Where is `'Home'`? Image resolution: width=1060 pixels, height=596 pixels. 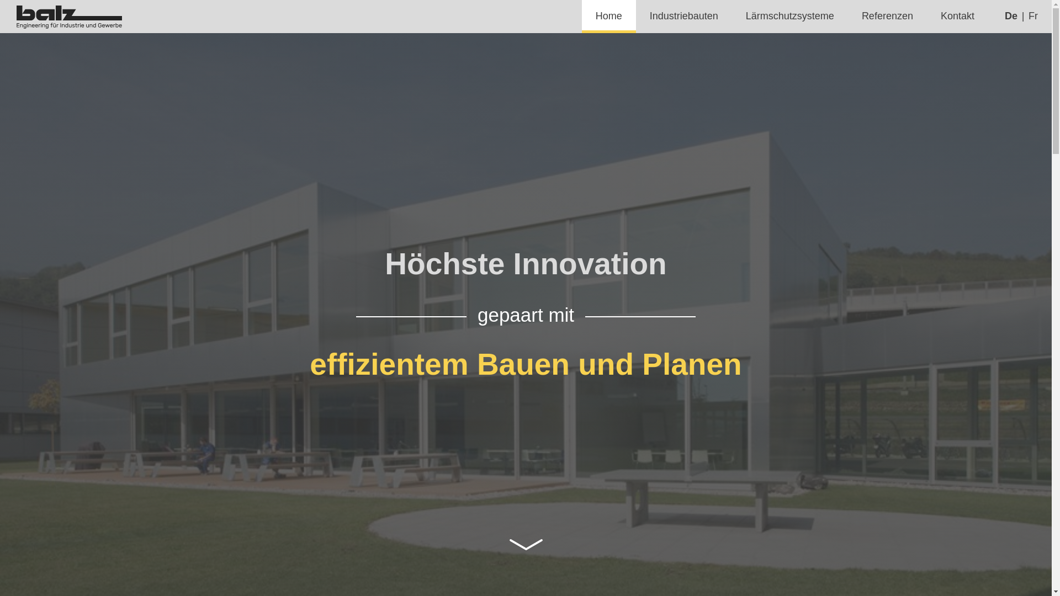
'Home' is located at coordinates (608, 17).